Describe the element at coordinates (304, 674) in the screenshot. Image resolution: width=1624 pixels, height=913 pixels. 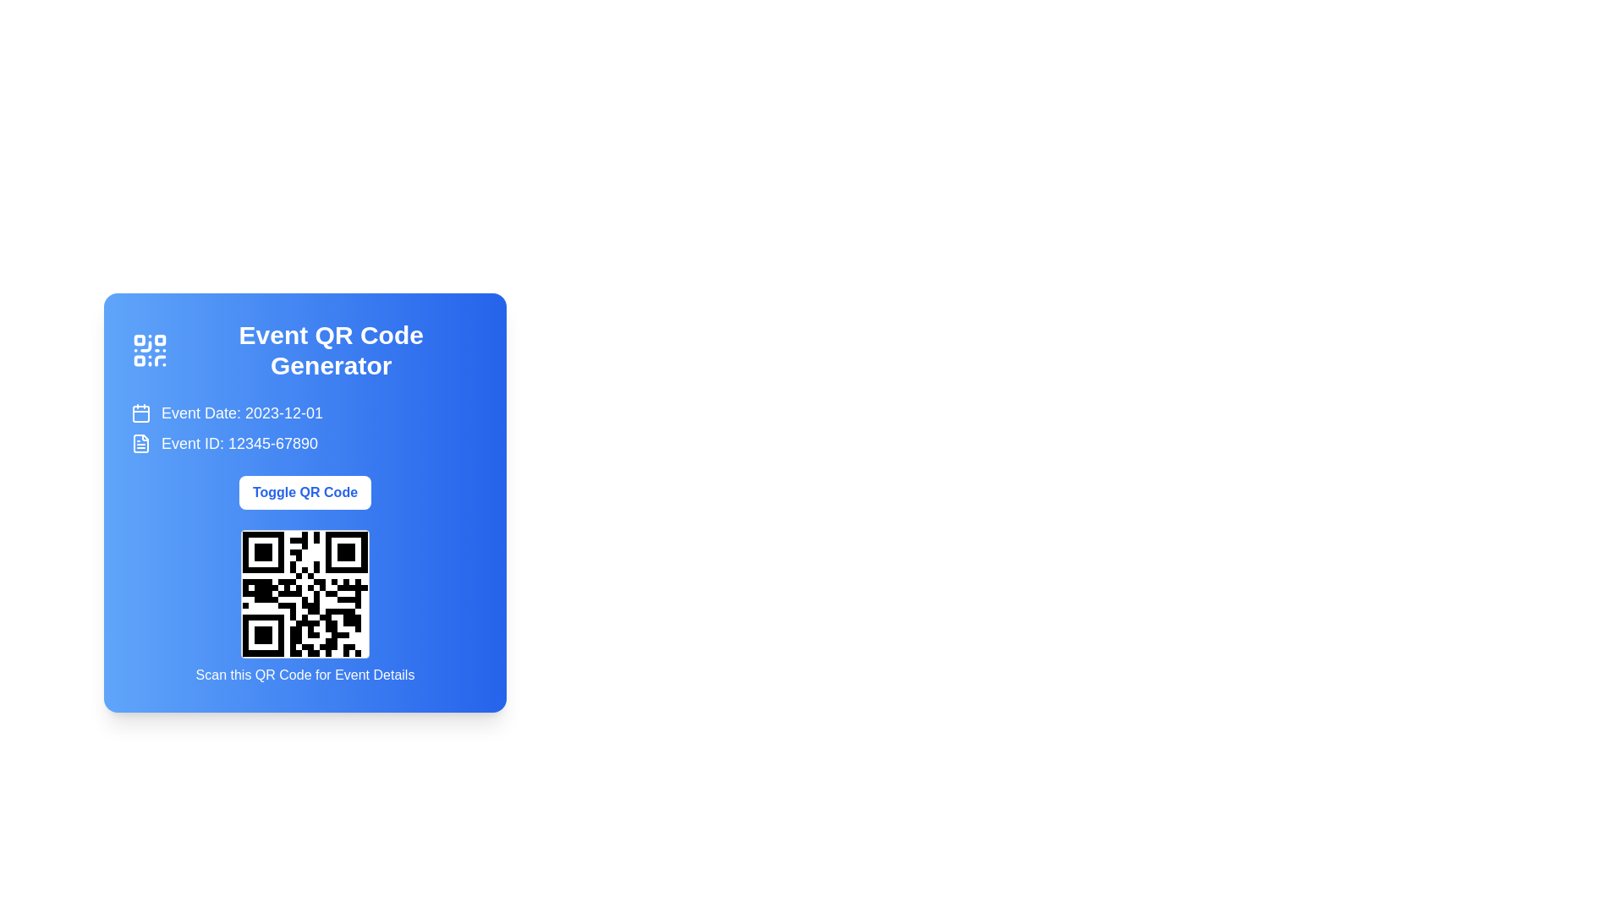
I see `informative text label located beneath the QR code, which guides users to interact with the QR code for event-related details` at that location.